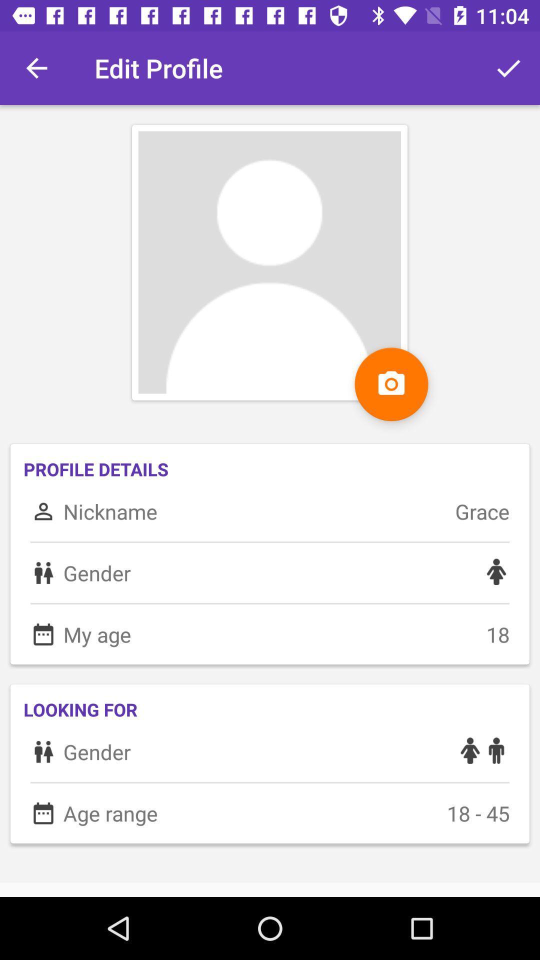 Image resolution: width=540 pixels, height=960 pixels. What do you see at coordinates (391, 383) in the screenshot?
I see `the photo icon` at bounding box center [391, 383].